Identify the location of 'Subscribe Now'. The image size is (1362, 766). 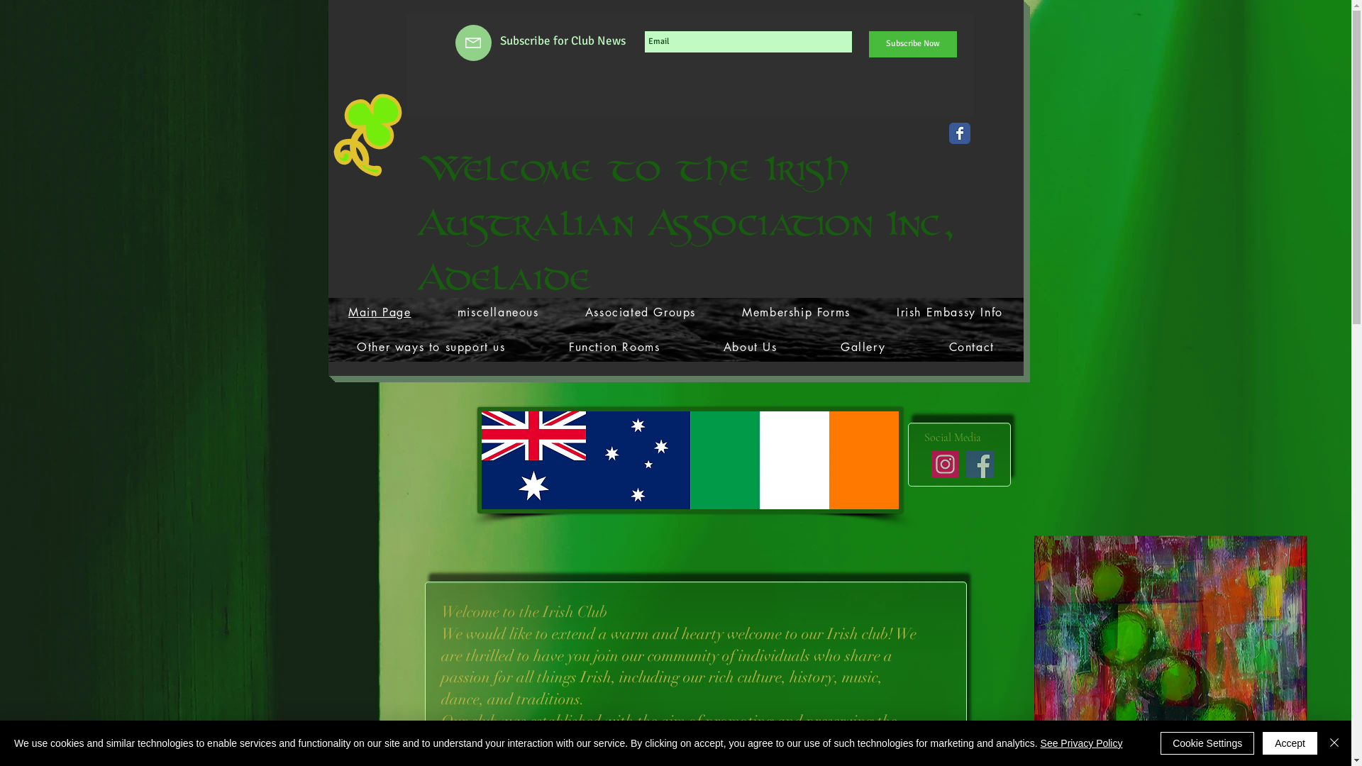
(912, 43).